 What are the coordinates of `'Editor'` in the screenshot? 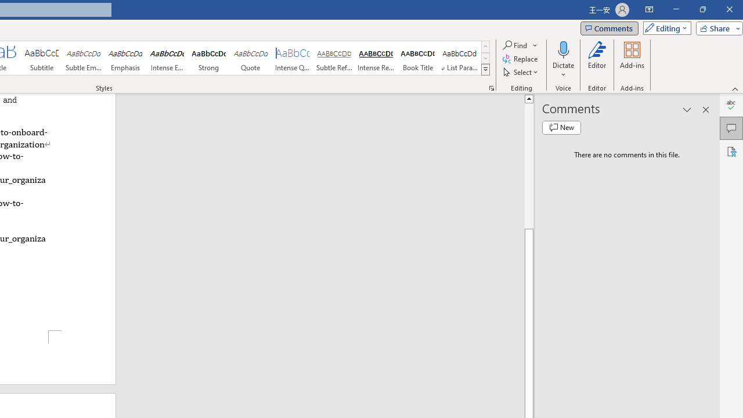 It's located at (597, 60).